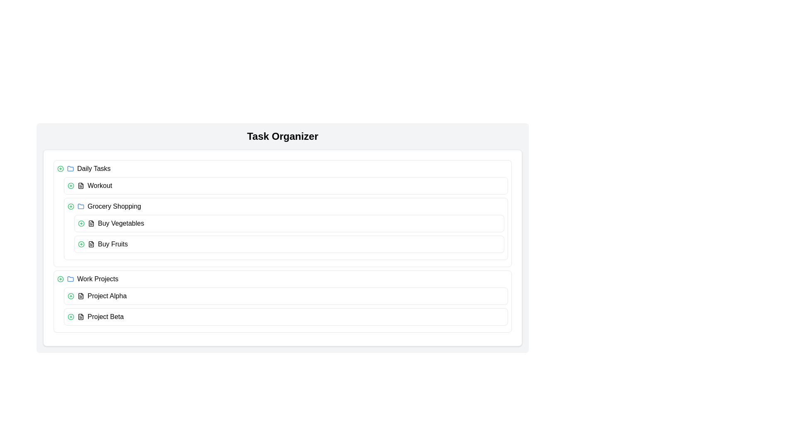 This screenshot has height=448, width=797. What do you see at coordinates (60, 279) in the screenshot?
I see `the button` at bounding box center [60, 279].